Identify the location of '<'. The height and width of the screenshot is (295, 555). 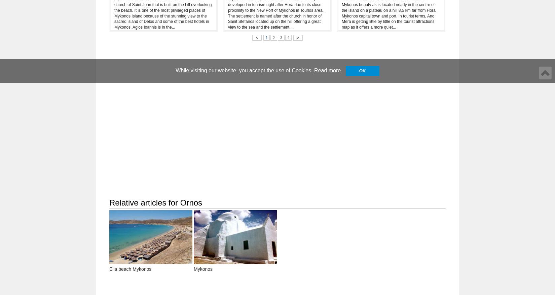
(256, 37).